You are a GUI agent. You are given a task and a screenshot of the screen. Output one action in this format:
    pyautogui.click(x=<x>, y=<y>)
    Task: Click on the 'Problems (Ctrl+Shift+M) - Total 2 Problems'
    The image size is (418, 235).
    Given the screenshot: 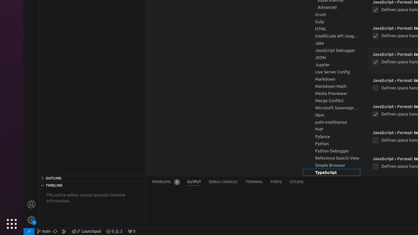 What is the action you would take?
    pyautogui.click(x=166, y=182)
    